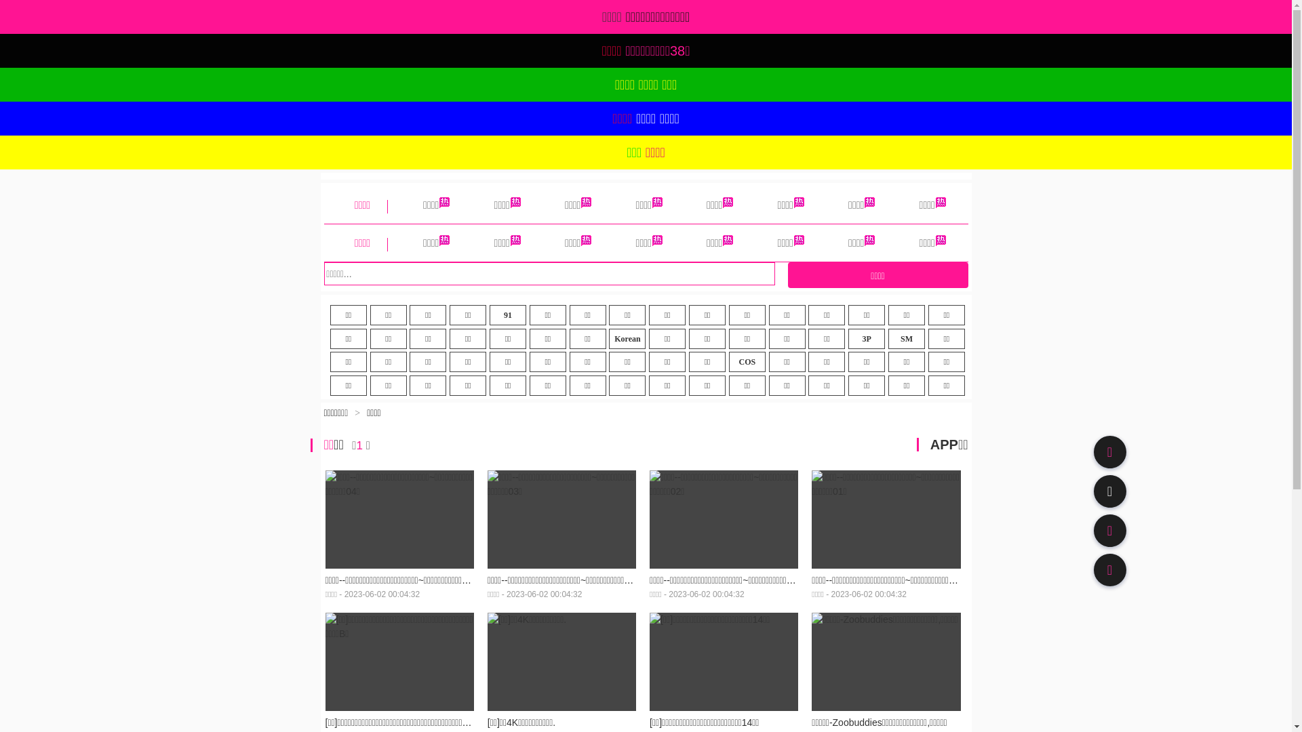  I want to click on '91TV', so click(1109, 530).